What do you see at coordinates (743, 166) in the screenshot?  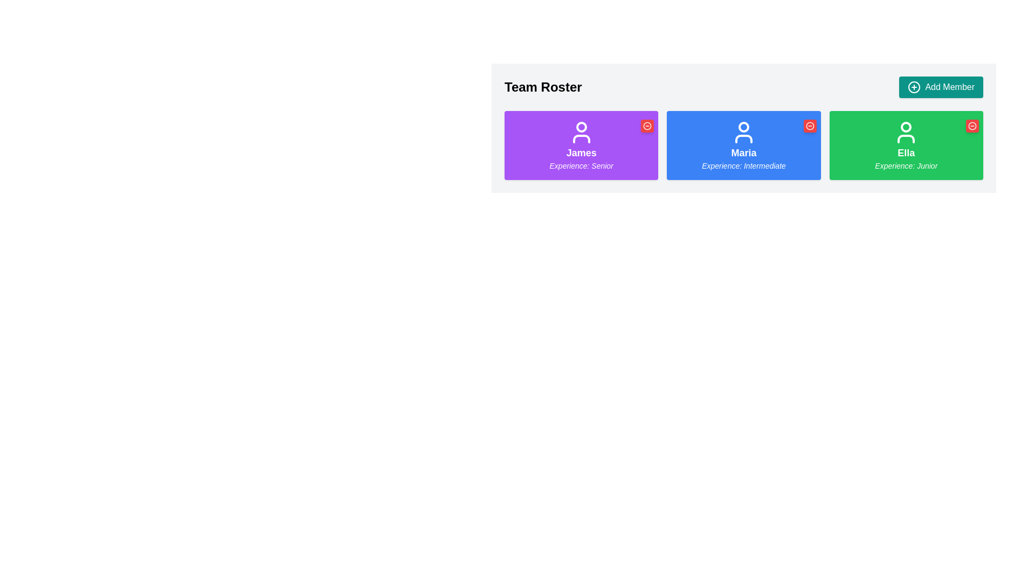 I see `the text label reading 'Experience: Intermediate', which is styled in italicized font and located below the name 'Maria' within a blue card layout` at bounding box center [743, 166].